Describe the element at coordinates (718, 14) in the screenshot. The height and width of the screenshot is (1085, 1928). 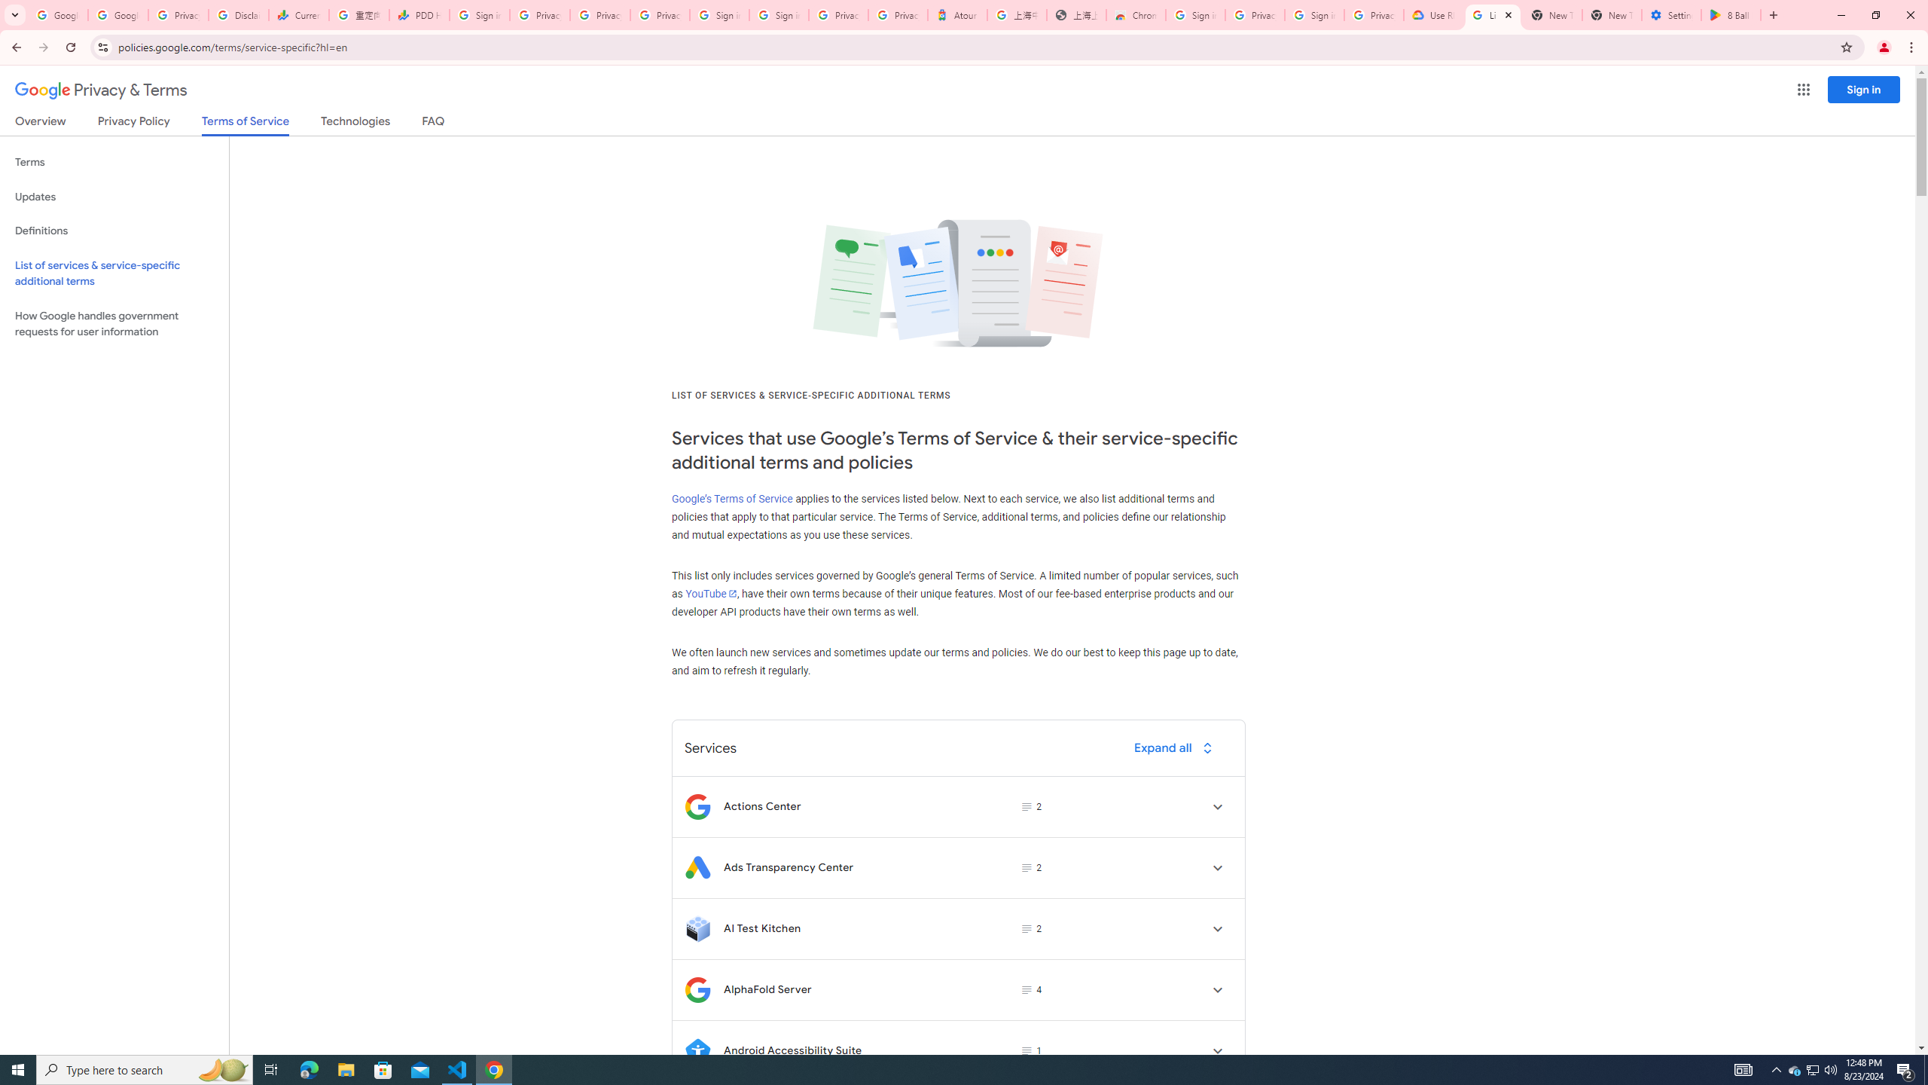
I see `'Sign in - Google Accounts'` at that location.